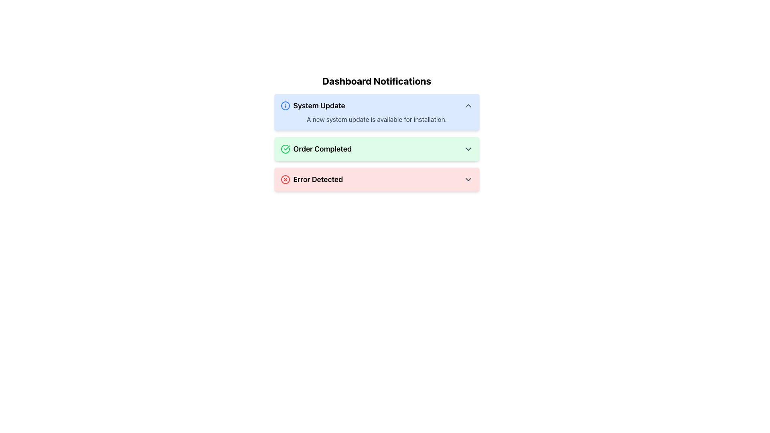  What do you see at coordinates (468, 179) in the screenshot?
I see `the interactive chevron icon in the 'Error Detected' notification box` at bounding box center [468, 179].